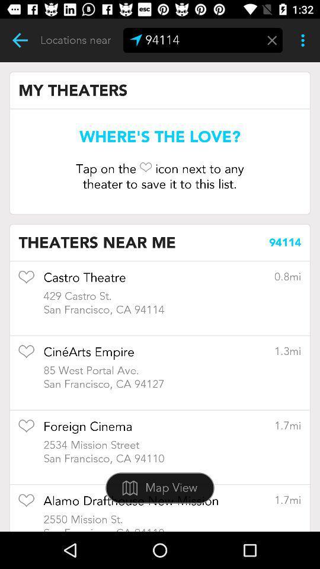 The height and width of the screenshot is (569, 320). I want to click on erase text, so click(272, 40).